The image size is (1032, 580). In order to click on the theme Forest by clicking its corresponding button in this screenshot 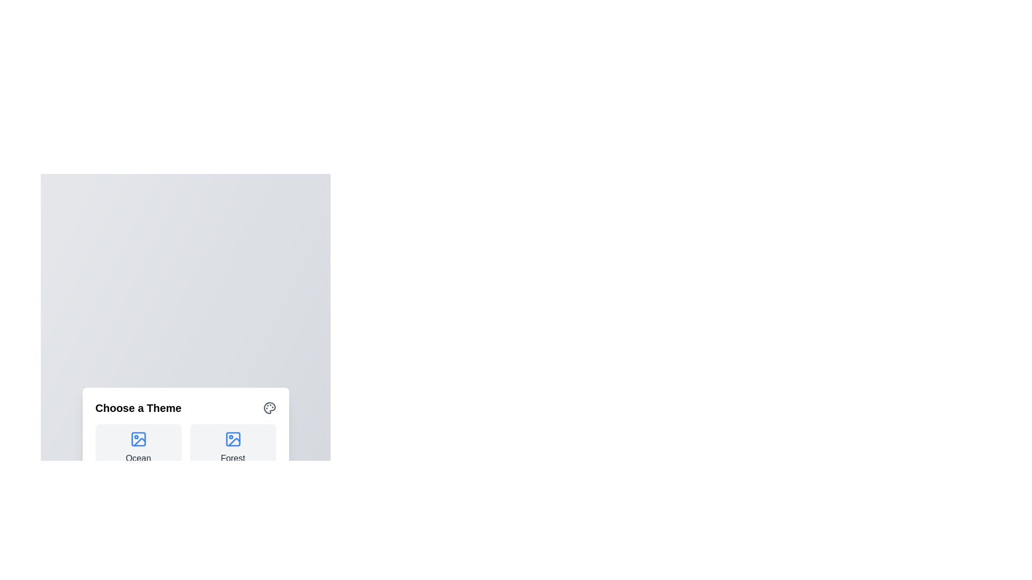, I will do `click(232, 447)`.